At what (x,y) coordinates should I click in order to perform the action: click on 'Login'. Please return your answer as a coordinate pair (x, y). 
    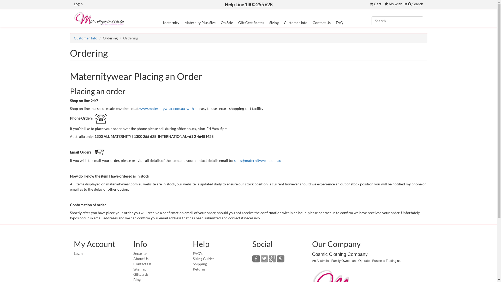
    Looking at the image, I should click on (77, 4).